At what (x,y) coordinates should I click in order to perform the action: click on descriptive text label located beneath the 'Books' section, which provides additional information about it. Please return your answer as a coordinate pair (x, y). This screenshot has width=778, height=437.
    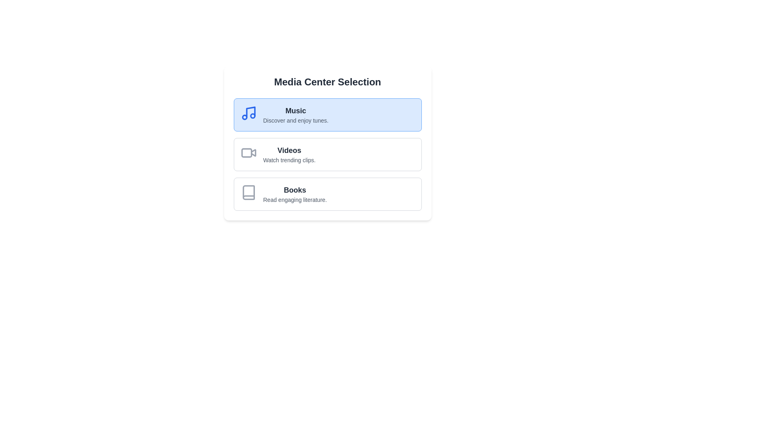
    Looking at the image, I should click on (295, 199).